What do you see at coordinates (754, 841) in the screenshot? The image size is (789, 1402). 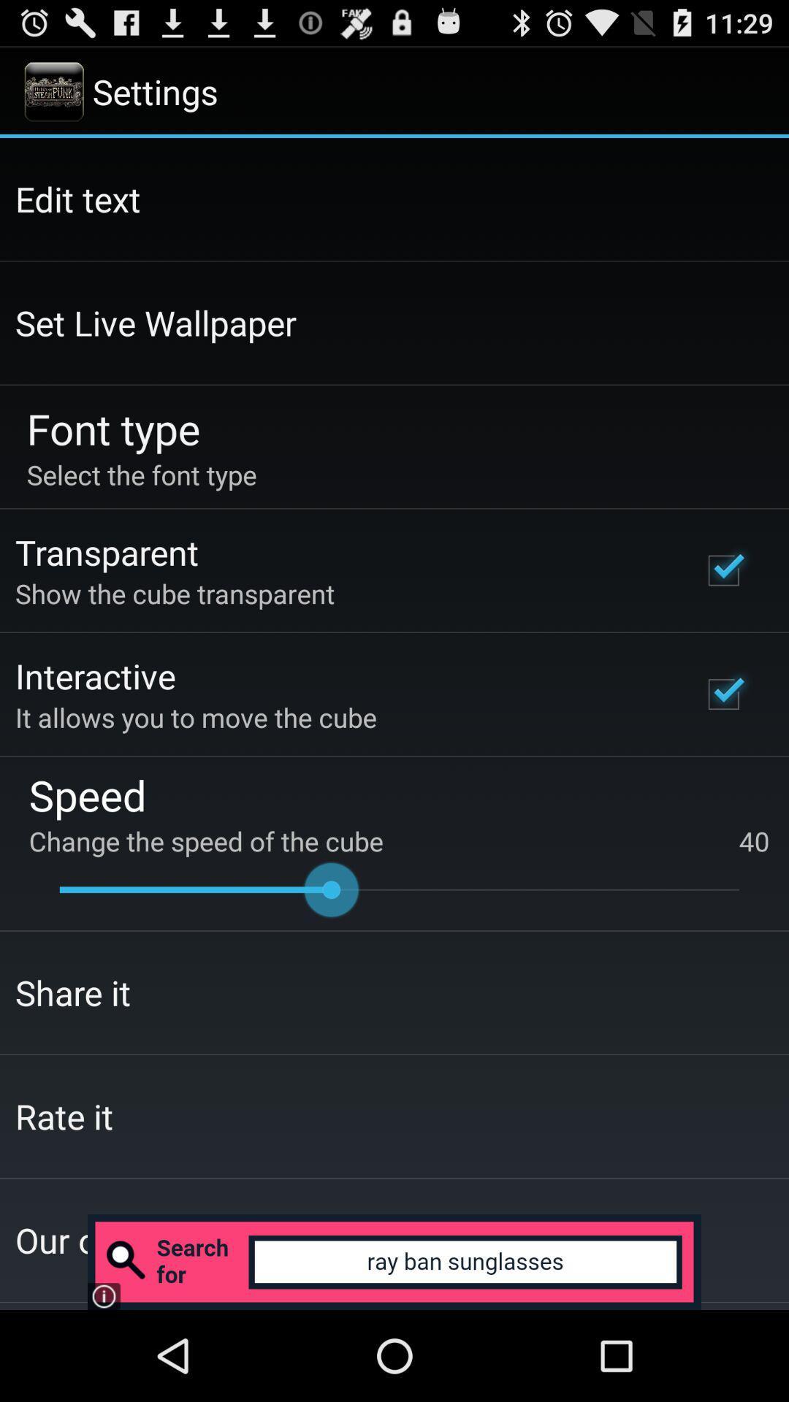 I see `40 icon` at bounding box center [754, 841].